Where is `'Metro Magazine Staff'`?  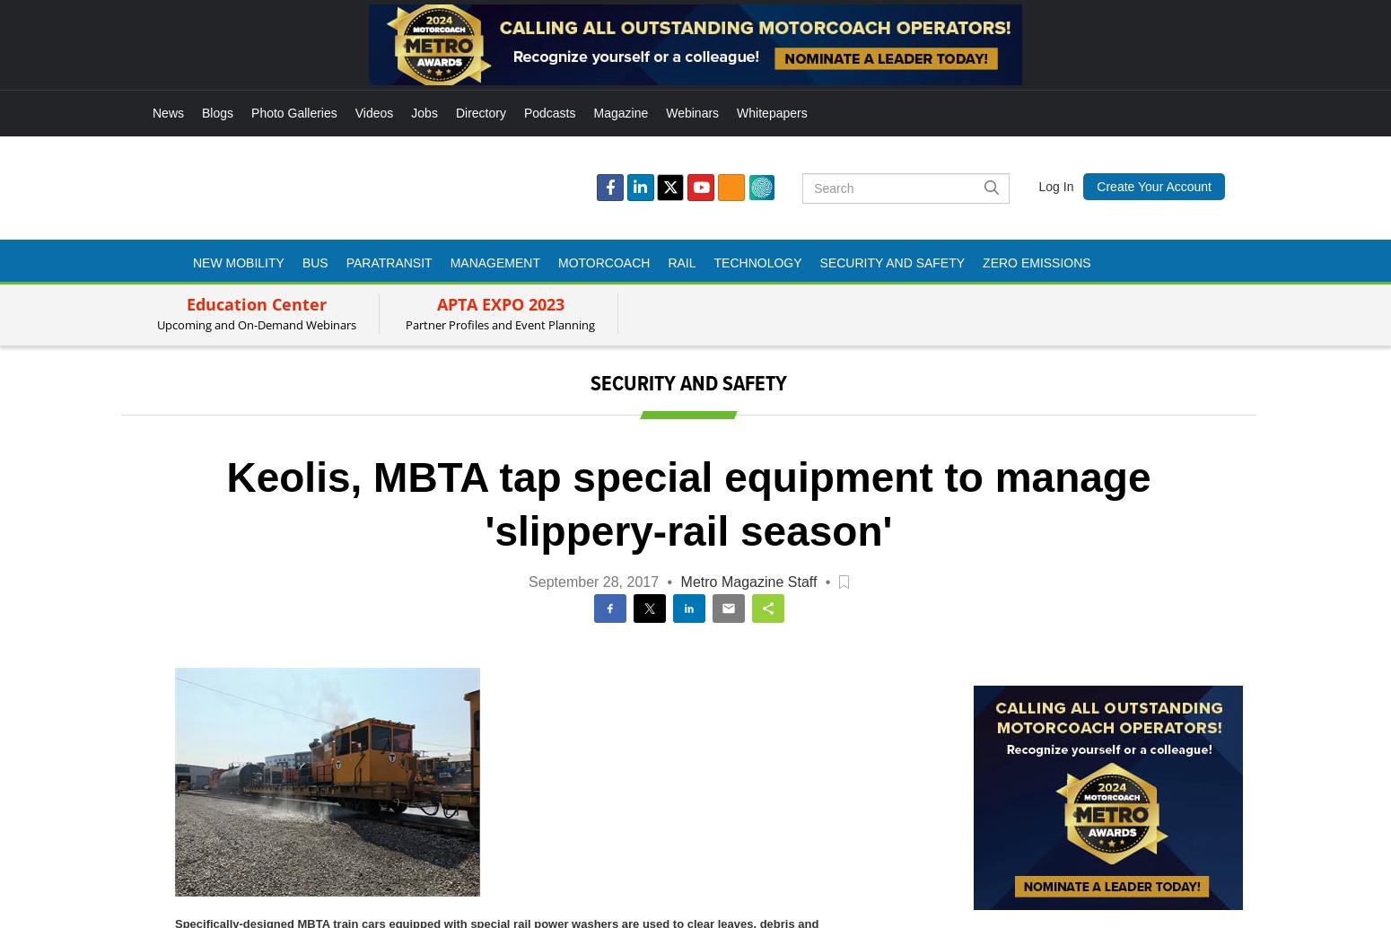 'Metro Magazine Staff' is located at coordinates (679, 582).